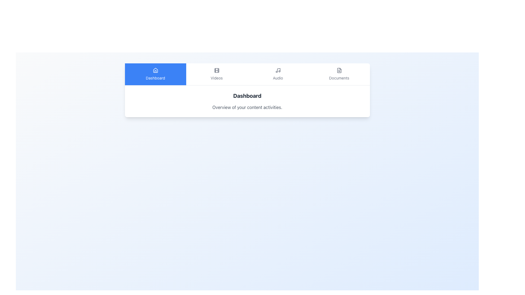  I want to click on the 'Audio' label, which is a small gray text located below a musical note icon in the top center horizontal menu, so click(278, 78).